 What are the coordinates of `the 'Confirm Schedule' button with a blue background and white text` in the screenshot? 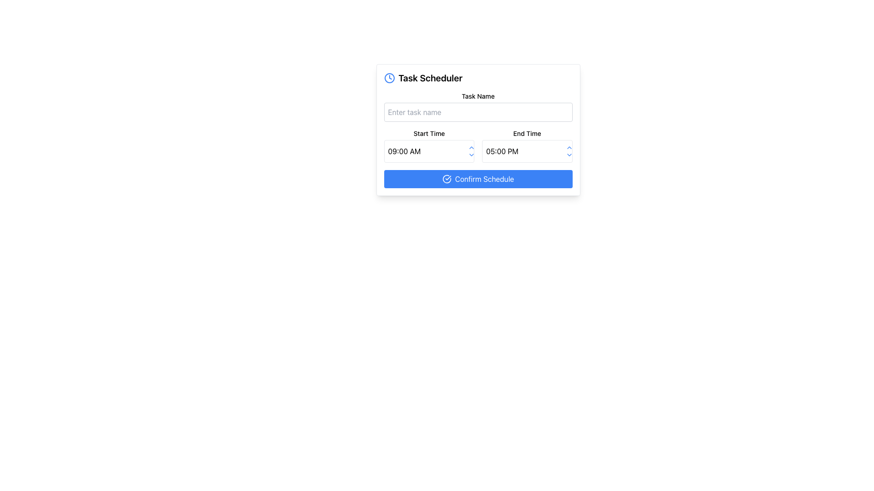 It's located at (478, 179).